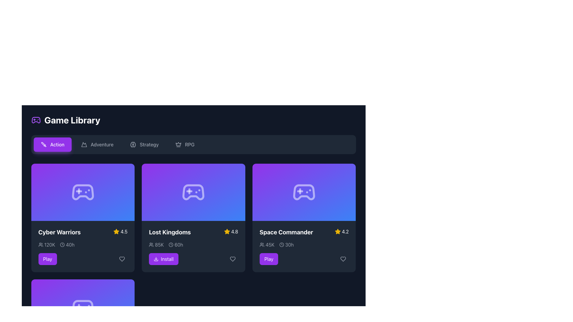 The image size is (573, 322). I want to click on the 'Strategy' icon located in the navigation menu, which visually represents the 'Strategy' category and is positioned to the left of the text label 'Strategy', so click(133, 145).